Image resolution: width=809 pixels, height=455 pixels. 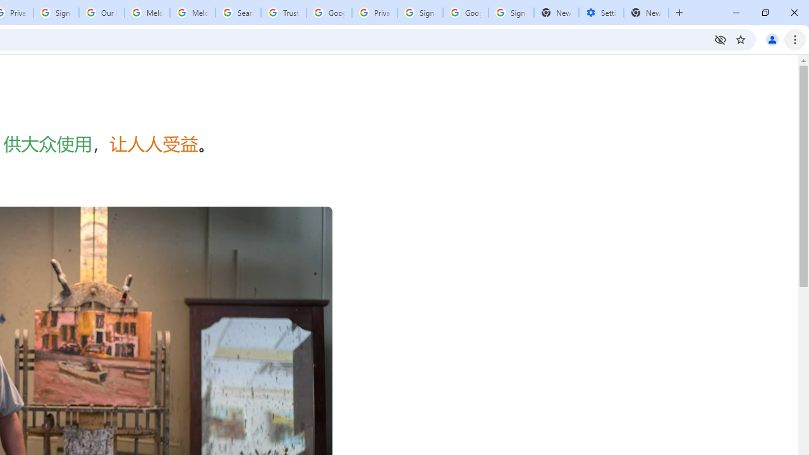 I want to click on 'Google Cybersecurity Innovations - Google Safety Center', so click(x=465, y=13).